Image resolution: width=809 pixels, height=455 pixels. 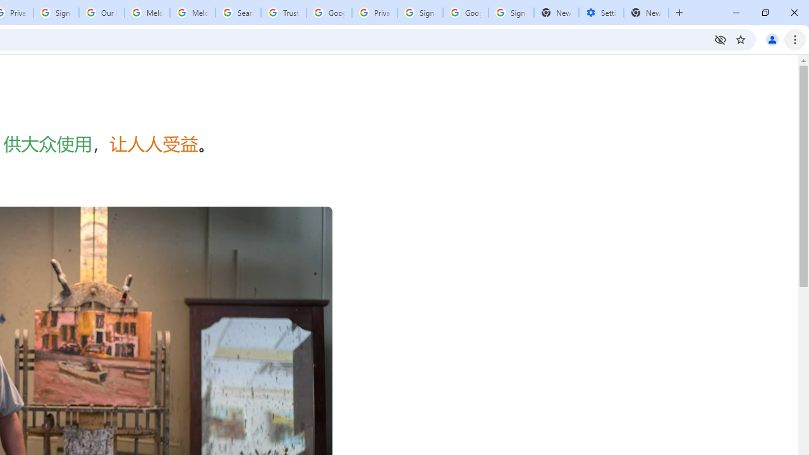 I want to click on 'Google Cybersecurity Innovations - Google Safety Center', so click(x=465, y=13).